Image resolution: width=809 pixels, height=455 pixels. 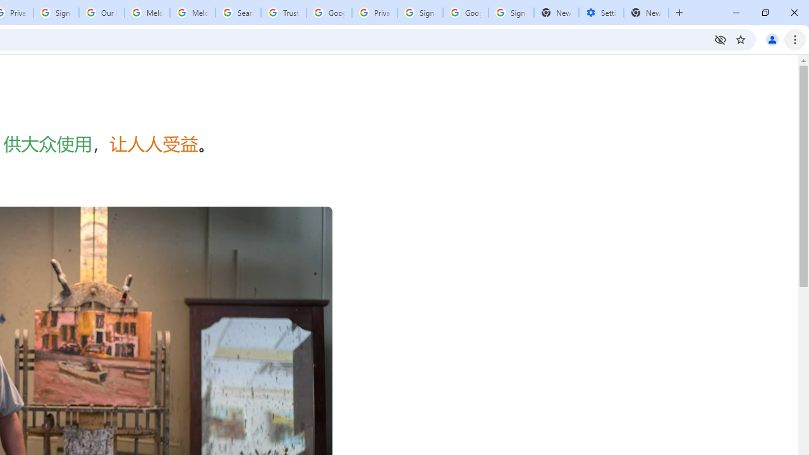 I want to click on 'Google Cybersecurity Innovations - Google Safety Center', so click(x=465, y=13).